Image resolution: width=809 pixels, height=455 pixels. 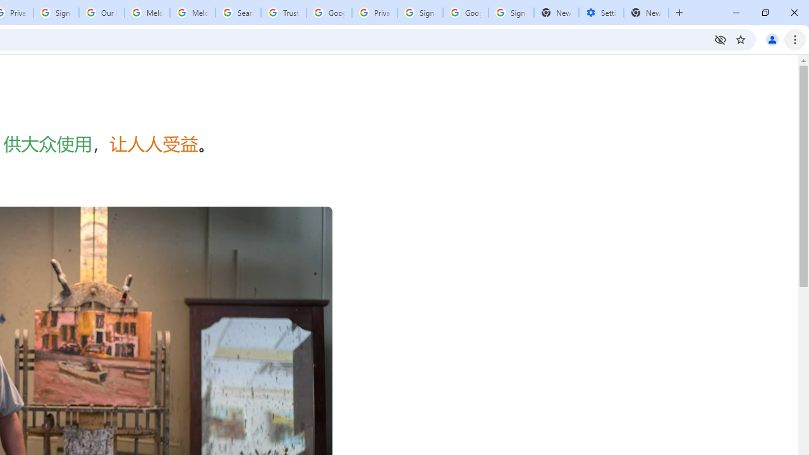 I want to click on 'Google Cybersecurity Innovations - Google Safety Center', so click(x=465, y=13).